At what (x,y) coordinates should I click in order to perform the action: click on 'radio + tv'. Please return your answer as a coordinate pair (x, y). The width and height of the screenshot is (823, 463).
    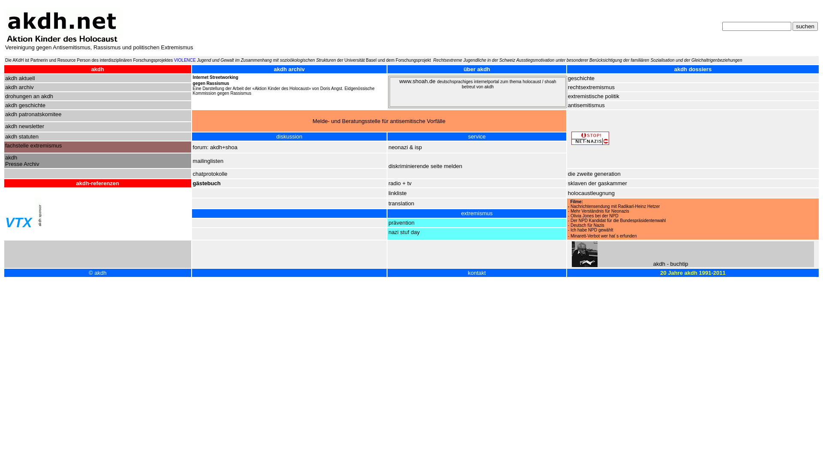
    Looking at the image, I should click on (399, 183).